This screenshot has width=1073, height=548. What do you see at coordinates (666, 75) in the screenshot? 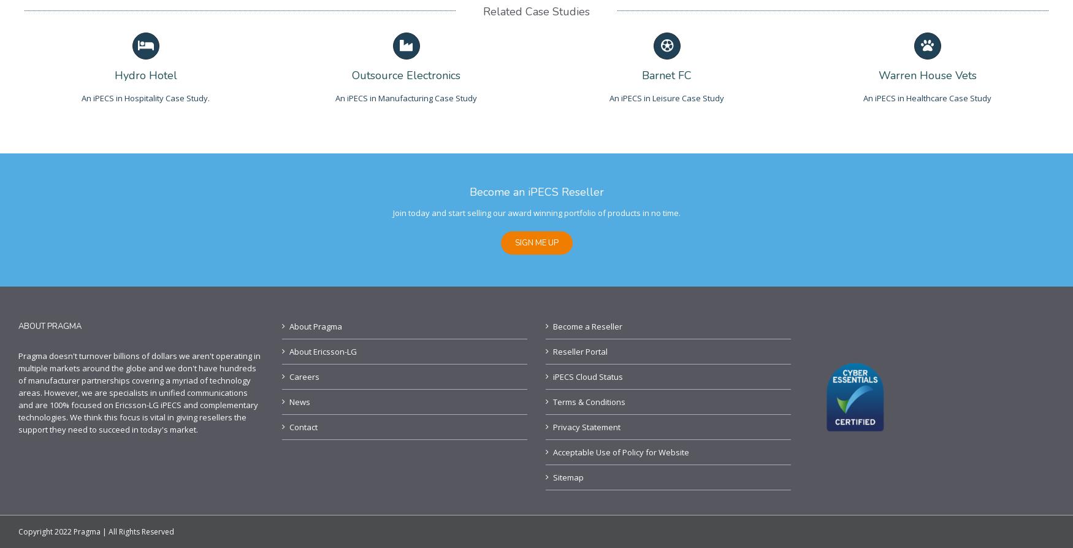
I see `'Barnet FC'` at bounding box center [666, 75].